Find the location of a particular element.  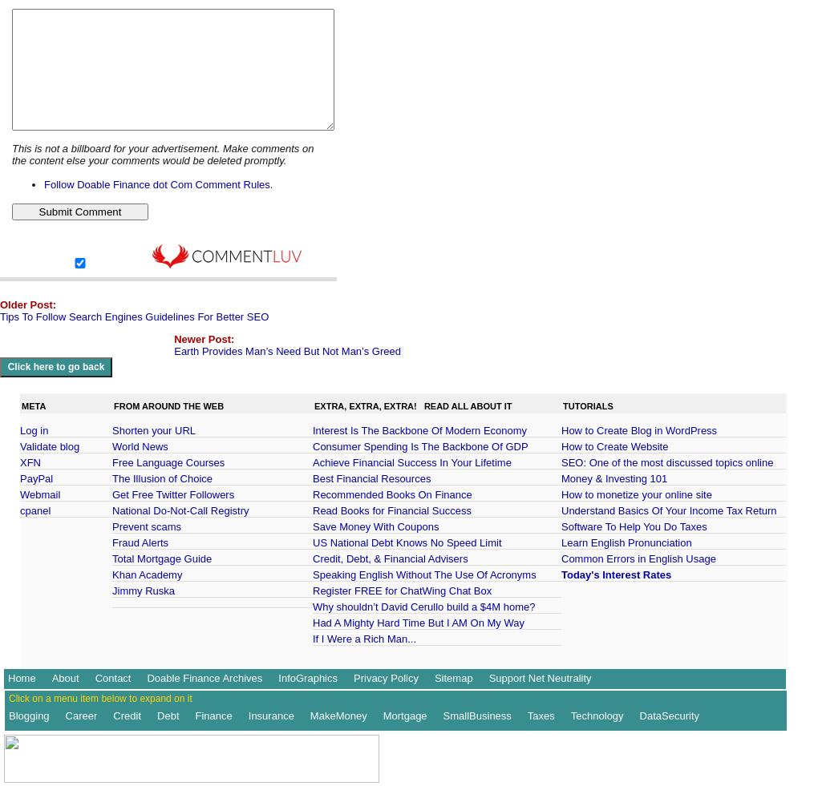

'About' is located at coordinates (64, 677).